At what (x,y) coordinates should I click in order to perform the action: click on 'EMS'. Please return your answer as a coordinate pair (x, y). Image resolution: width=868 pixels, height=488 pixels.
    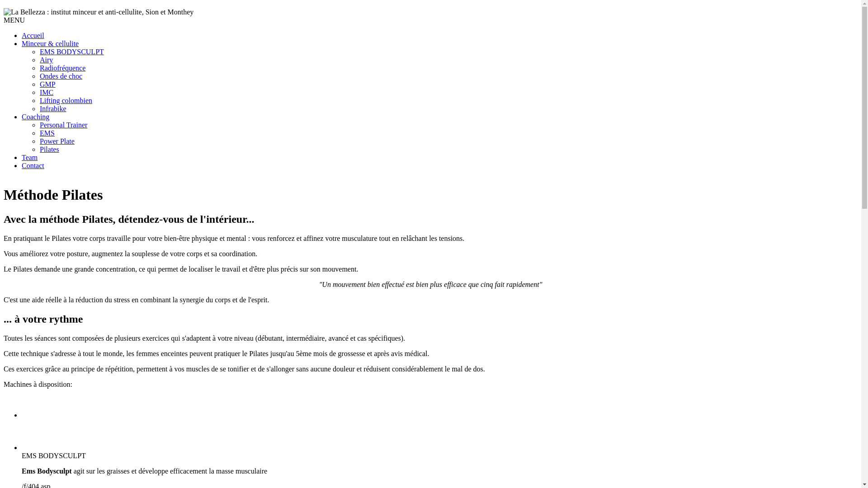
    Looking at the image, I should click on (39, 133).